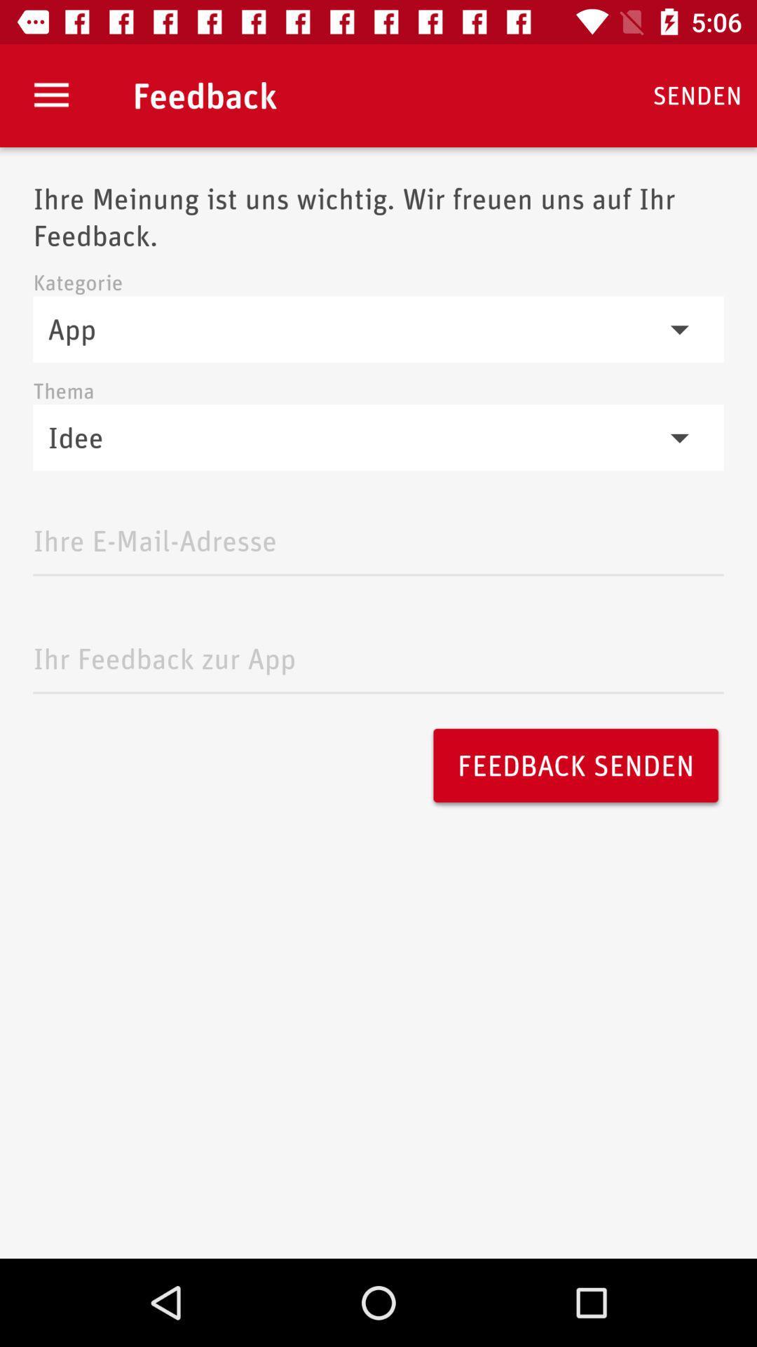 The image size is (757, 1347). Describe the element at coordinates (378, 654) in the screenshot. I see `comment box for feedback` at that location.